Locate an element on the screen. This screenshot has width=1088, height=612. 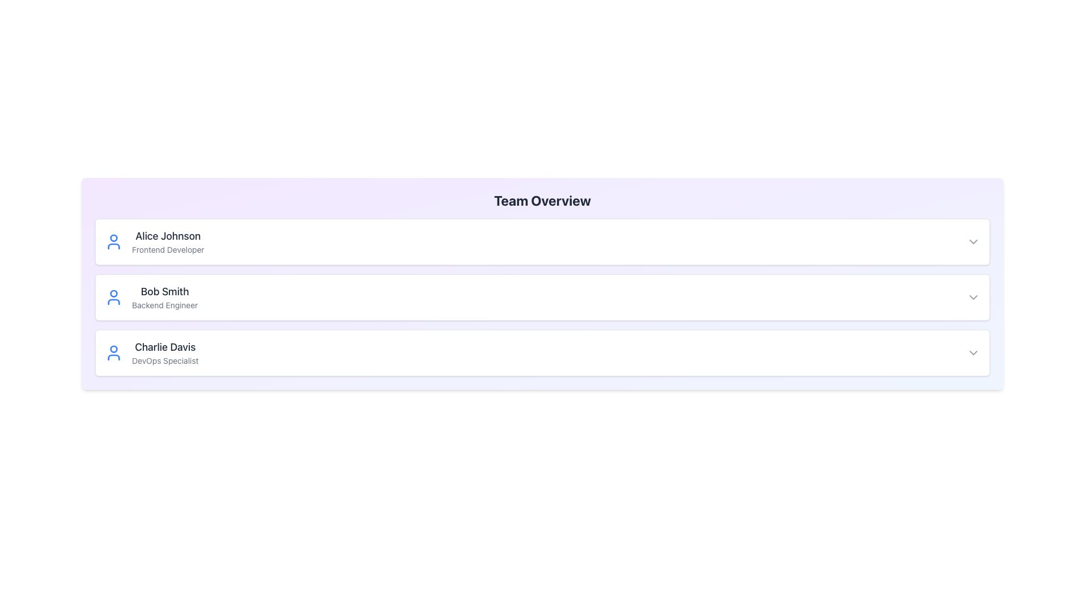
the circular part of the user icon for 'Charlie Davis,' which is the third entry in the 'Team Overview' card list is located at coordinates (114, 348).